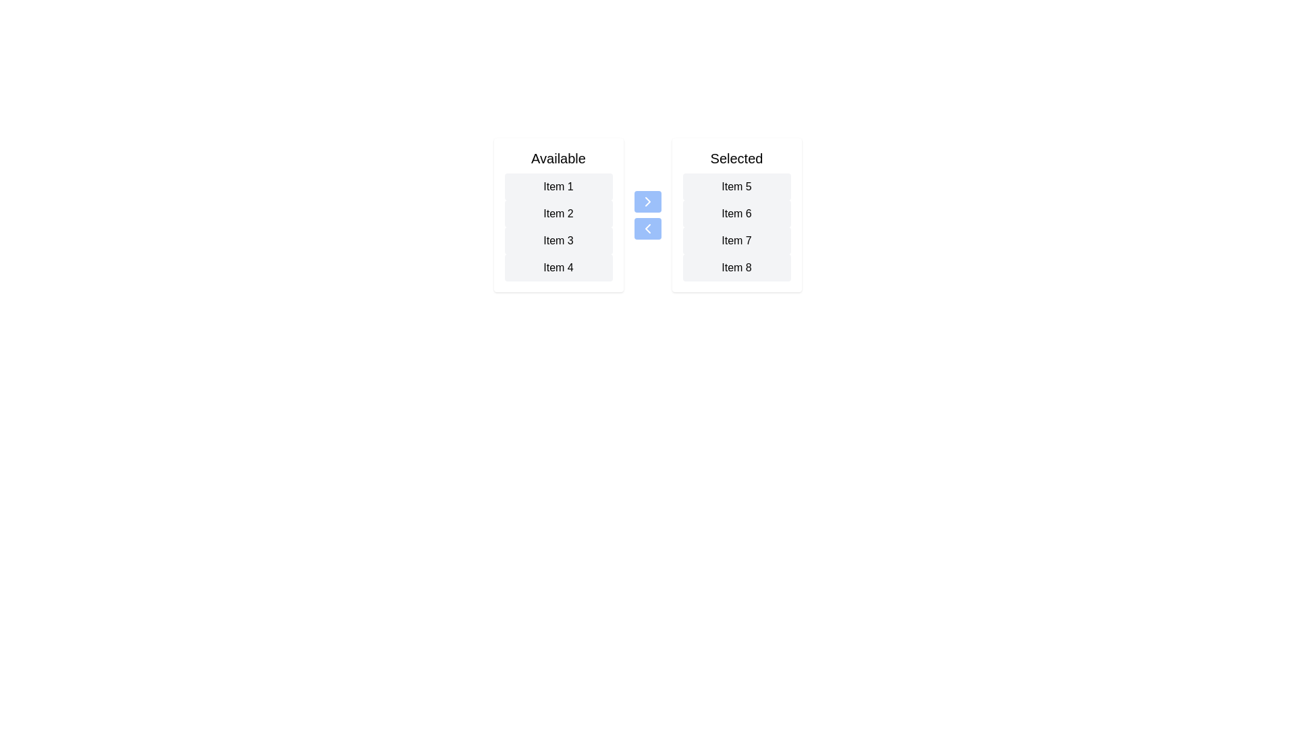 Image resolution: width=1296 pixels, height=729 pixels. I want to click on the Chevron navigation arrow icon located inside the blue button between the 'Available' and 'Selected' panels, so click(647, 228).